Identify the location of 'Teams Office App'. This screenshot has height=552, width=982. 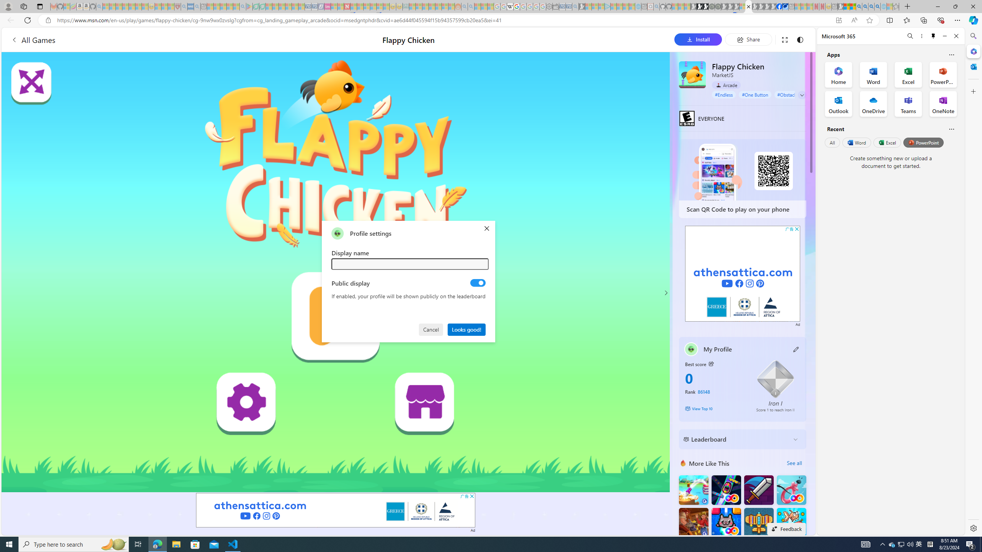
(908, 104).